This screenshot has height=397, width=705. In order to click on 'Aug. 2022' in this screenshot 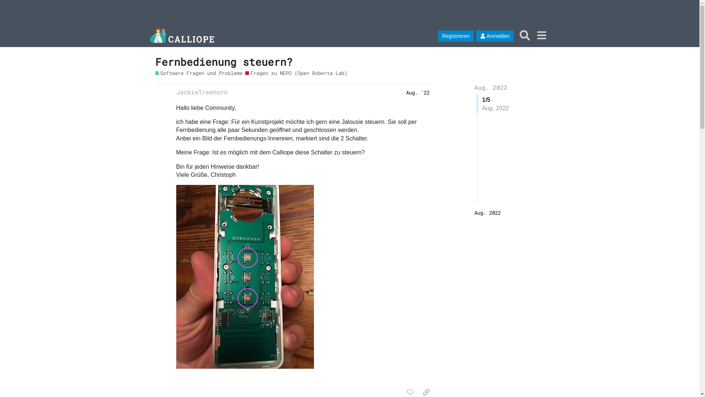, I will do `click(491, 87)`.